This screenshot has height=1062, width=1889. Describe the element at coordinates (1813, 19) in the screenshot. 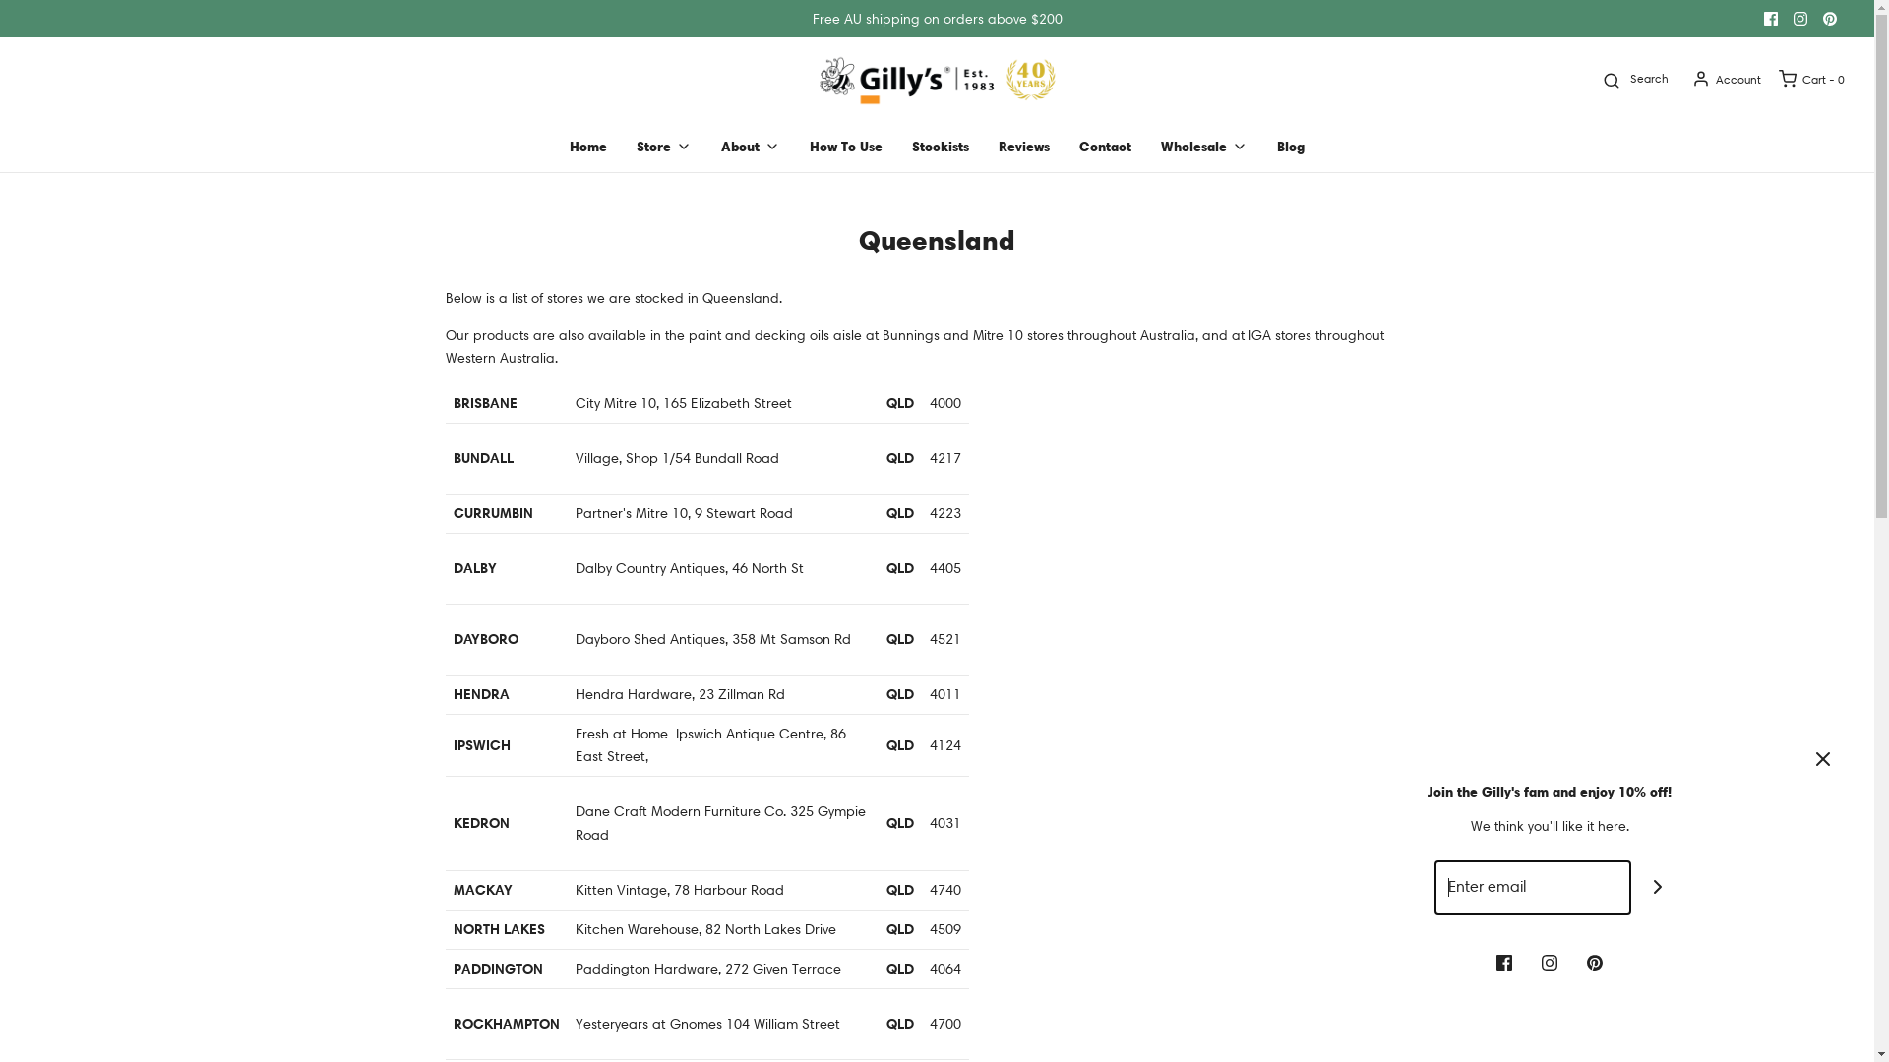

I see `'Pinterest icon'` at that location.